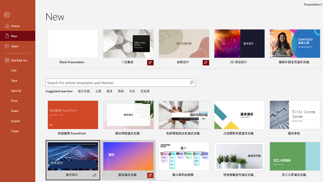 The image size is (323, 182). I want to click on 'Export', so click(17, 121).